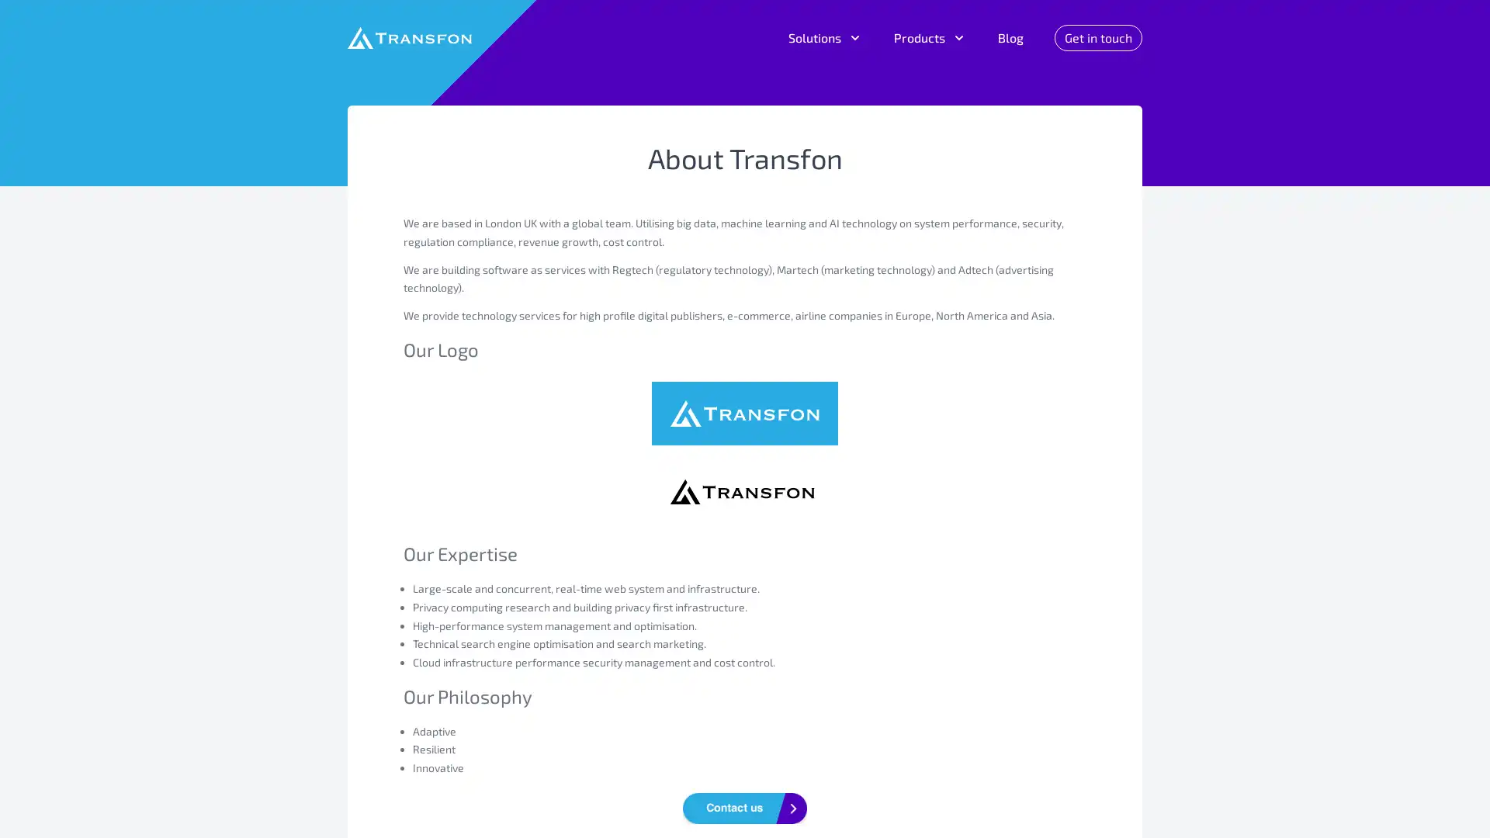 The height and width of the screenshot is (838, 1490). Describe the element at coordinates (825, 37) in the screenshot. I see `Solutions` at that location.